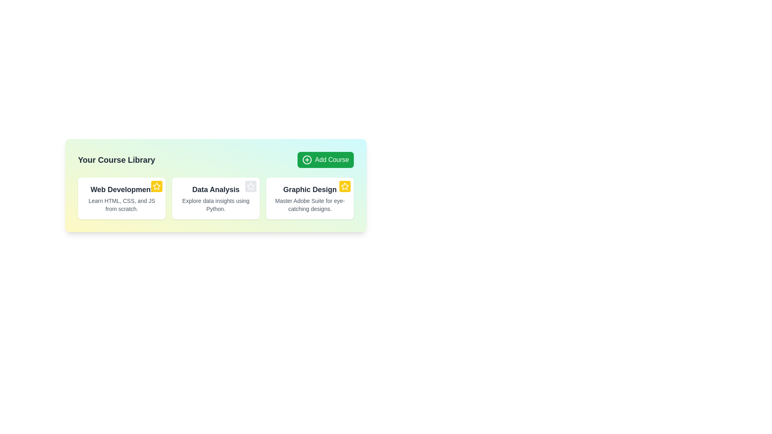  What do you see at coordinates (310, 189) in the screenshot?
I see `the 'Graphic Design' course title text label located at the top-left of the card-like structure` at bounding box center [310, 189].